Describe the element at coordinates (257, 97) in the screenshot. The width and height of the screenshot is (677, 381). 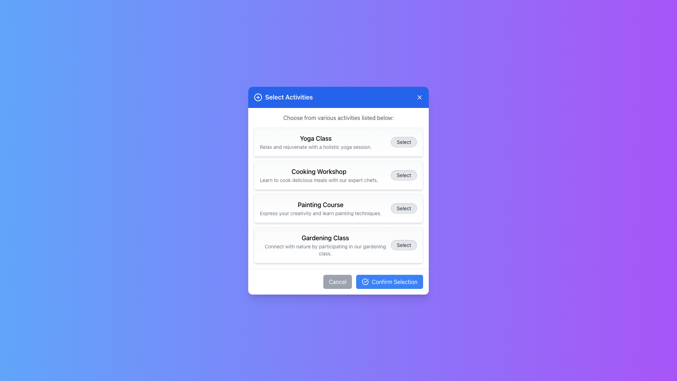
I see `the icon depicting a circle with a plus sign, located to the left of the 'Select Activities' heading` at that location.